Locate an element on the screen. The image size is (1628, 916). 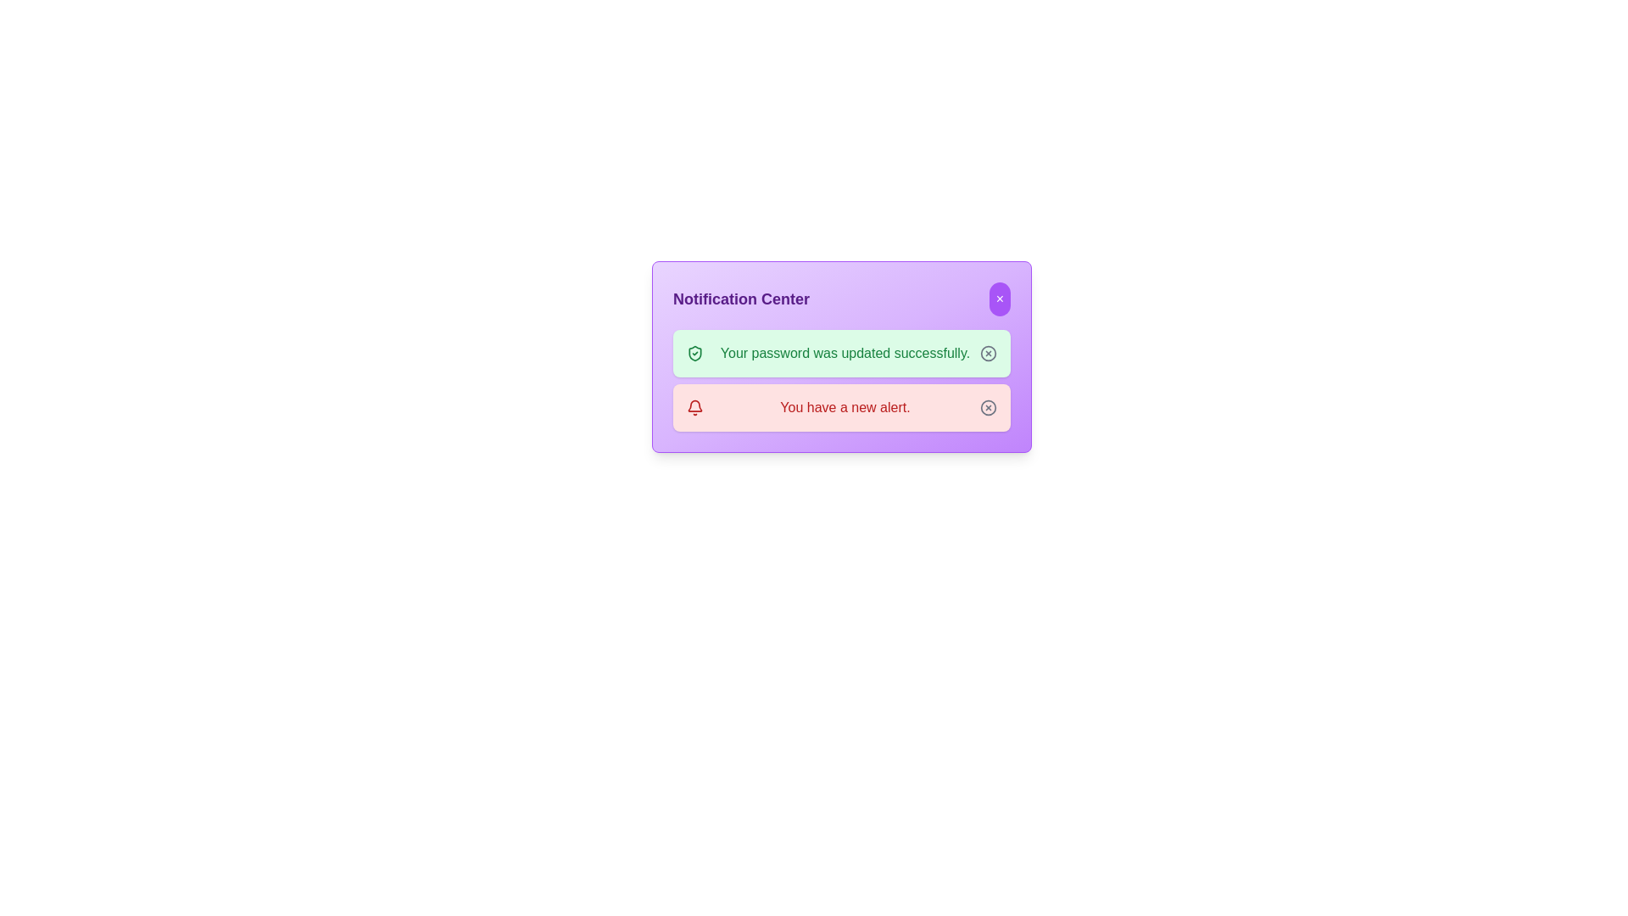
the notification box with a red background that contains a bell icon and a dismissal 'X' button, which displays the message 'You have a new alert.' is located at coordinates (842, 408).